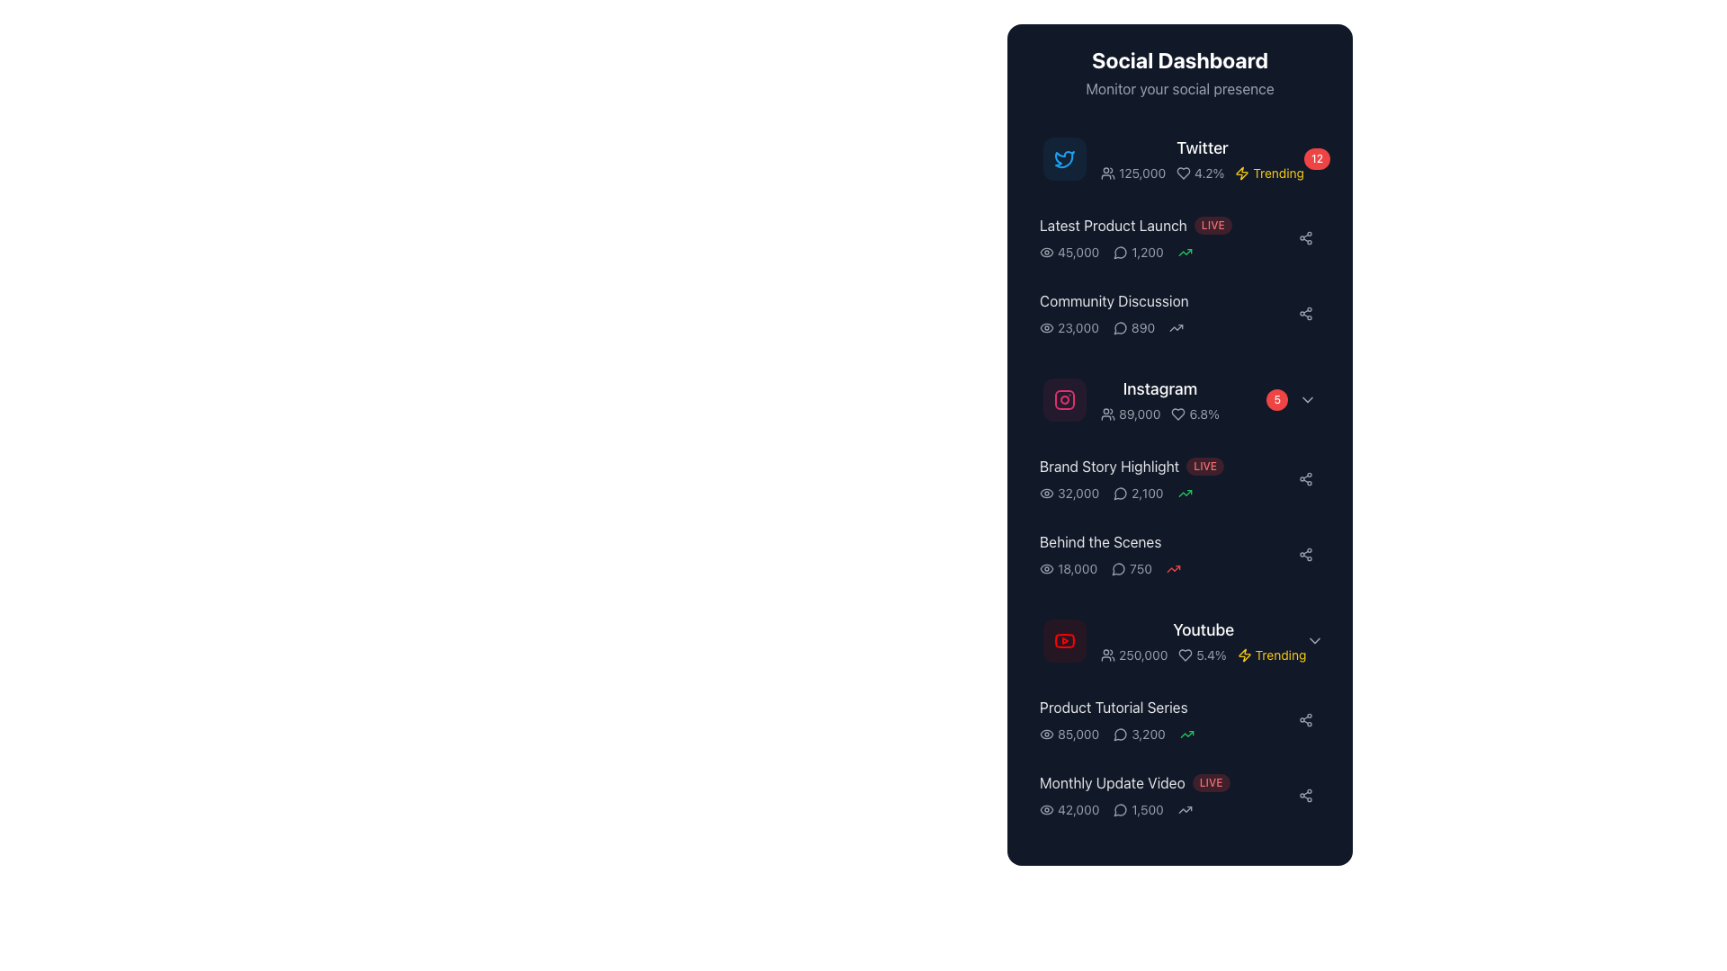 The width and height of the screenshot is (1727, 971). I want to click on the small heart-shaped icon with a hollow outline located in the 'Twitter' section of the 'Social Dashboard' table interface, positioned immediately to the left of the numeric value '4.2%, so click(1184, 173).